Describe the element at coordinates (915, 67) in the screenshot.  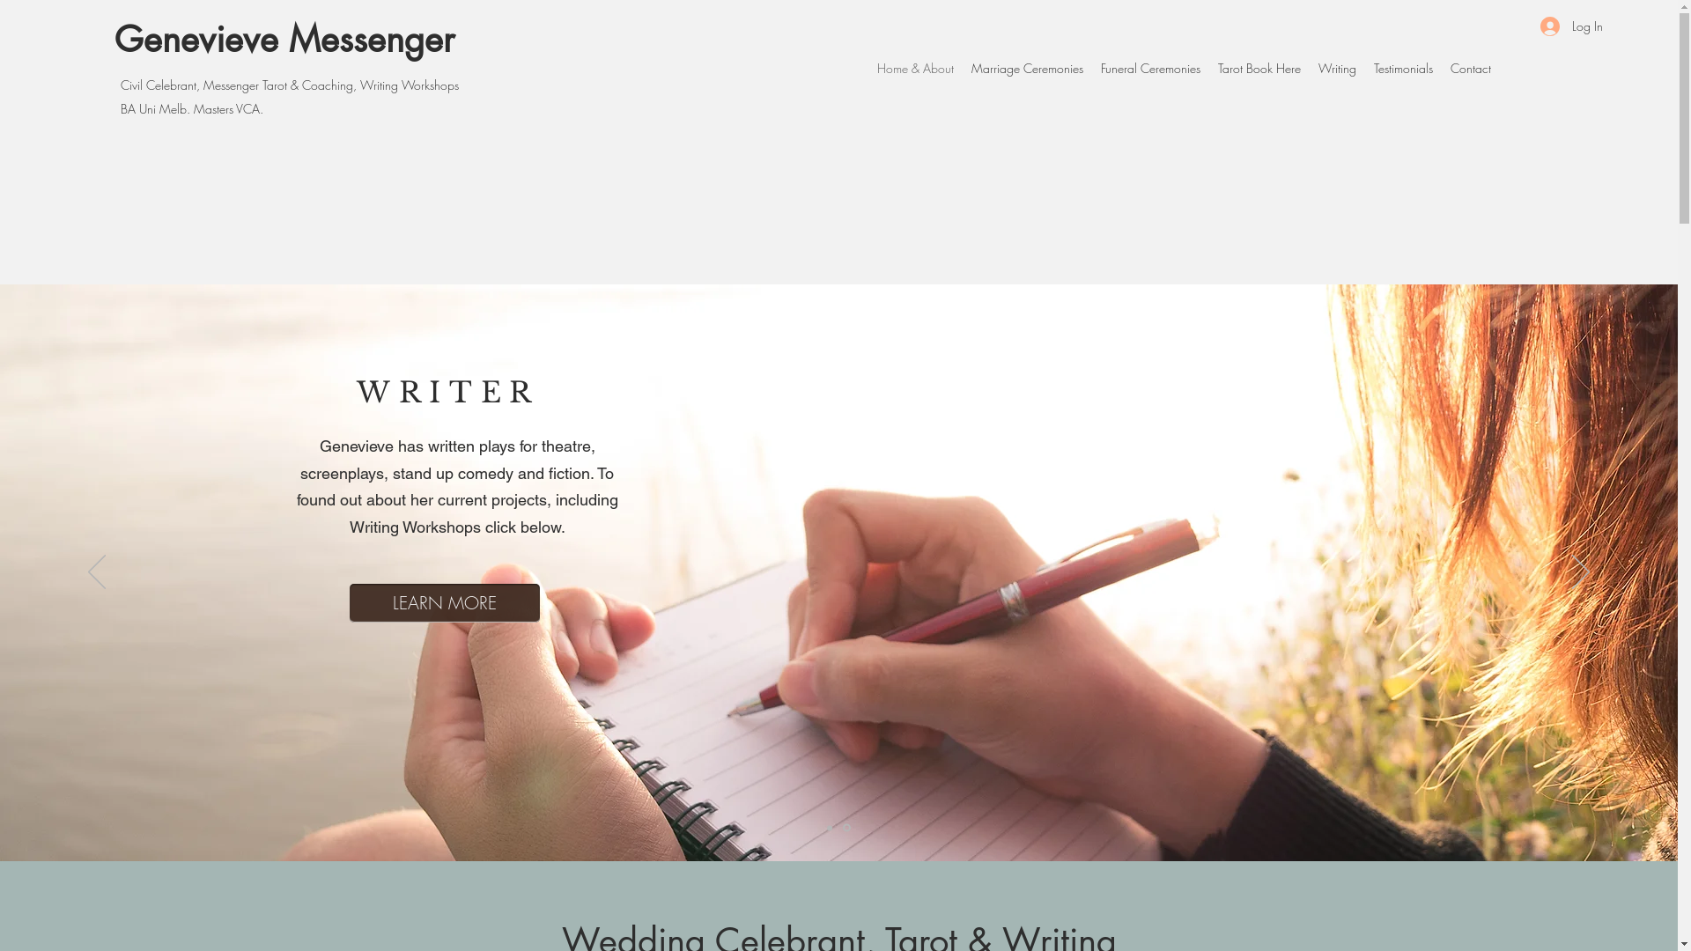
I see `'Home & About'` at that location.